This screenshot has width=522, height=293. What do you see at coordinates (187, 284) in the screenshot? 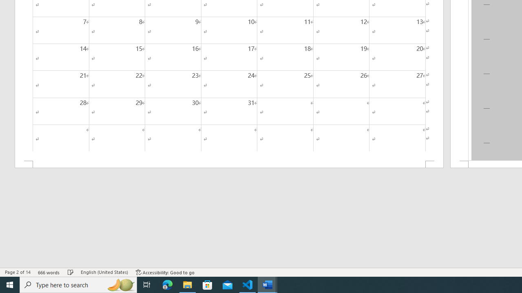
I see `'File Explorer - 1 running window'` at bounding box center [187, 284].